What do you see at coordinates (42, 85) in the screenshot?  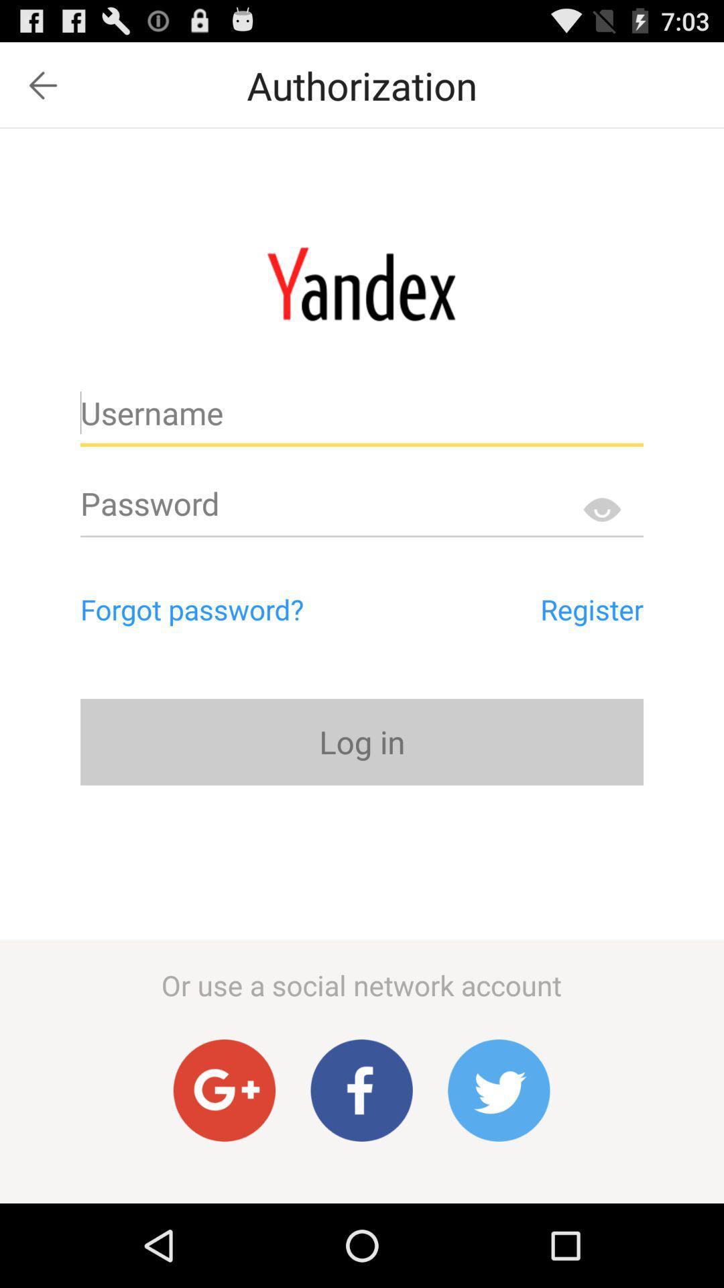 I see `item next to authorization icon` at bounding box center [42, 85].